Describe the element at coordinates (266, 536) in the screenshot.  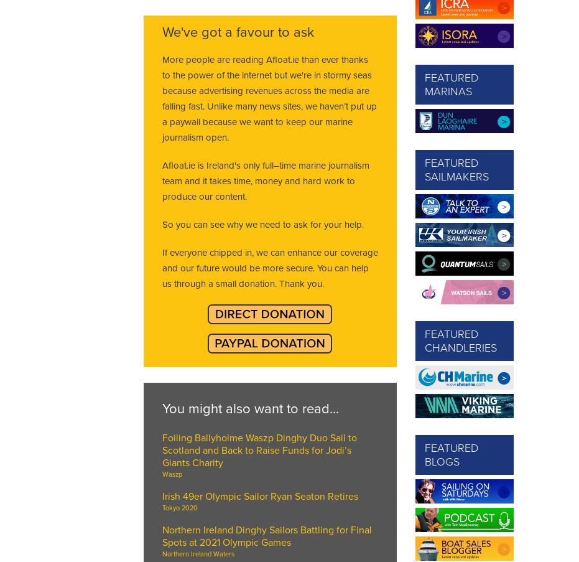
I see `'Northern Ireland Dinghy Sailors Battling for Final Spots at 2021 Olympic Games'` at that location.